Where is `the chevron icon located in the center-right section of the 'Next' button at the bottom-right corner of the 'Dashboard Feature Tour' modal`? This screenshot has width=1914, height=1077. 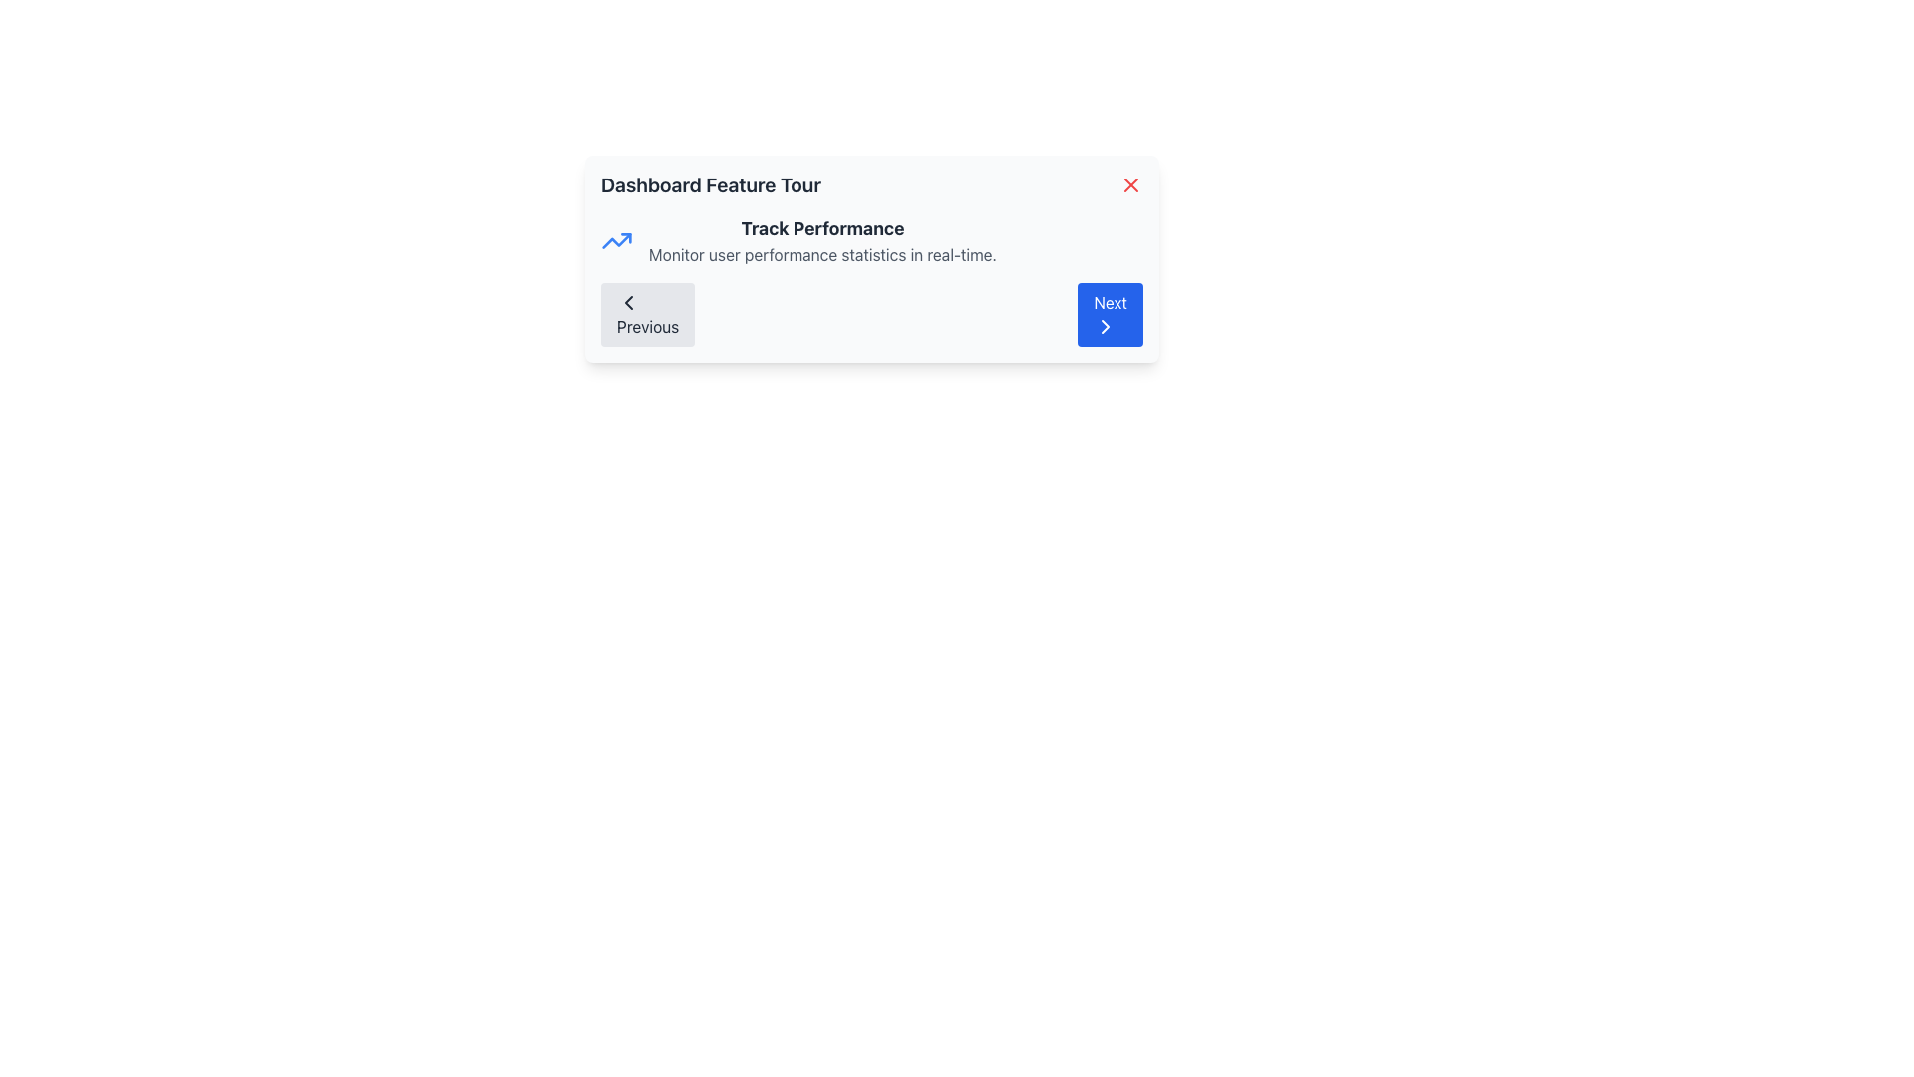
the chevron icon located in the center-right section of the 'Next' button at the bottom-right corner of the 'Dashboard Feature Tour' modal is located at coordinates (1105, 325).